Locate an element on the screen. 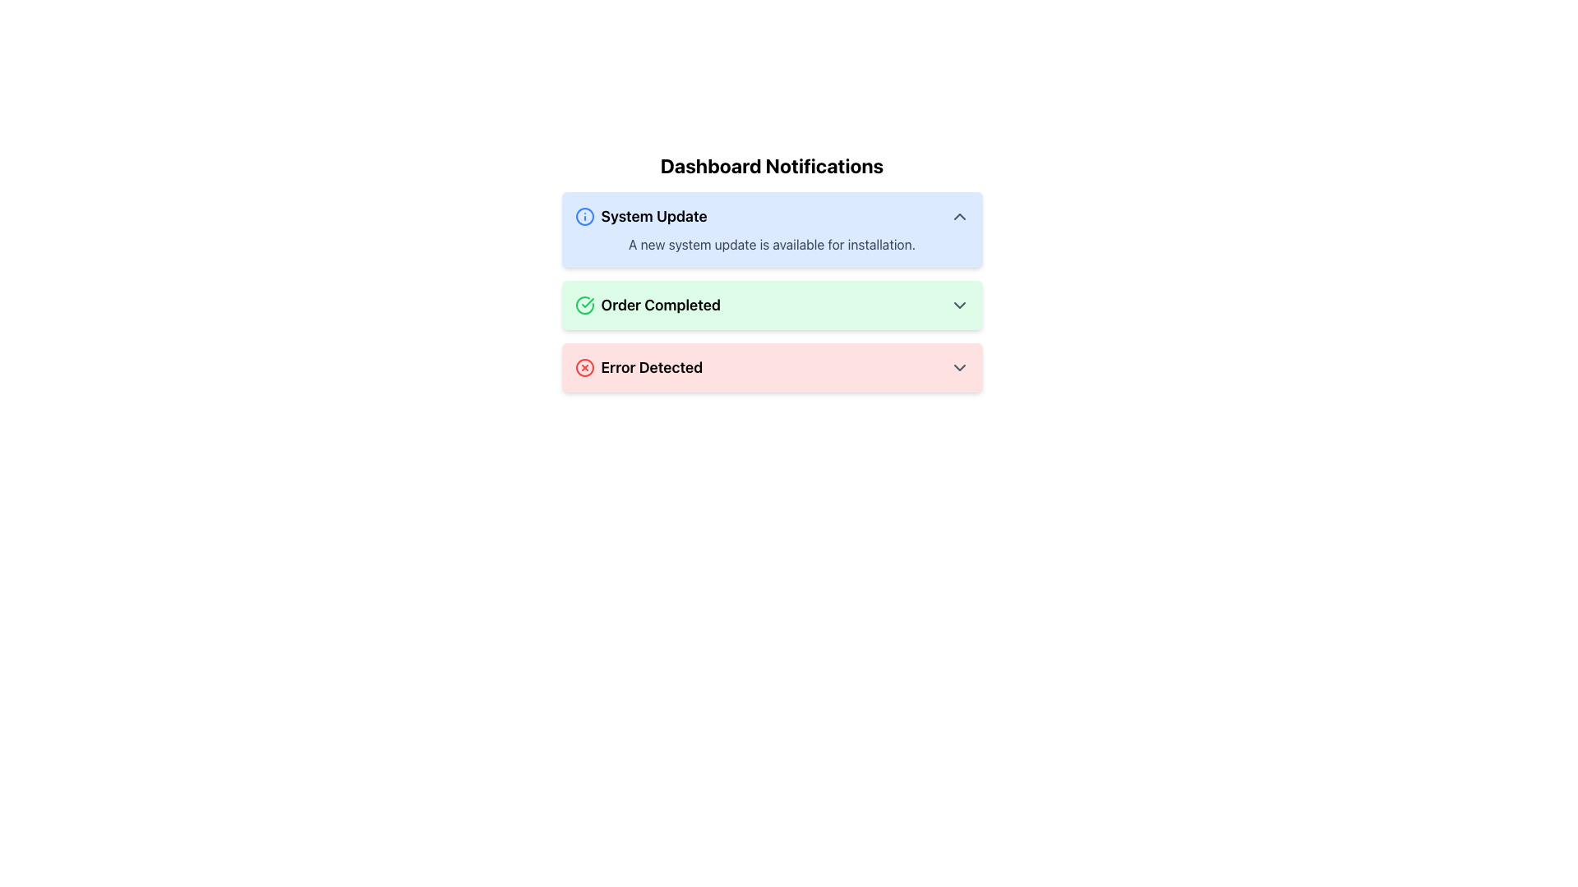  the header text 'Dashboard Notifications' which is a bold, large, centered label at the top of the notifications section is located at coordinates (771, 165).